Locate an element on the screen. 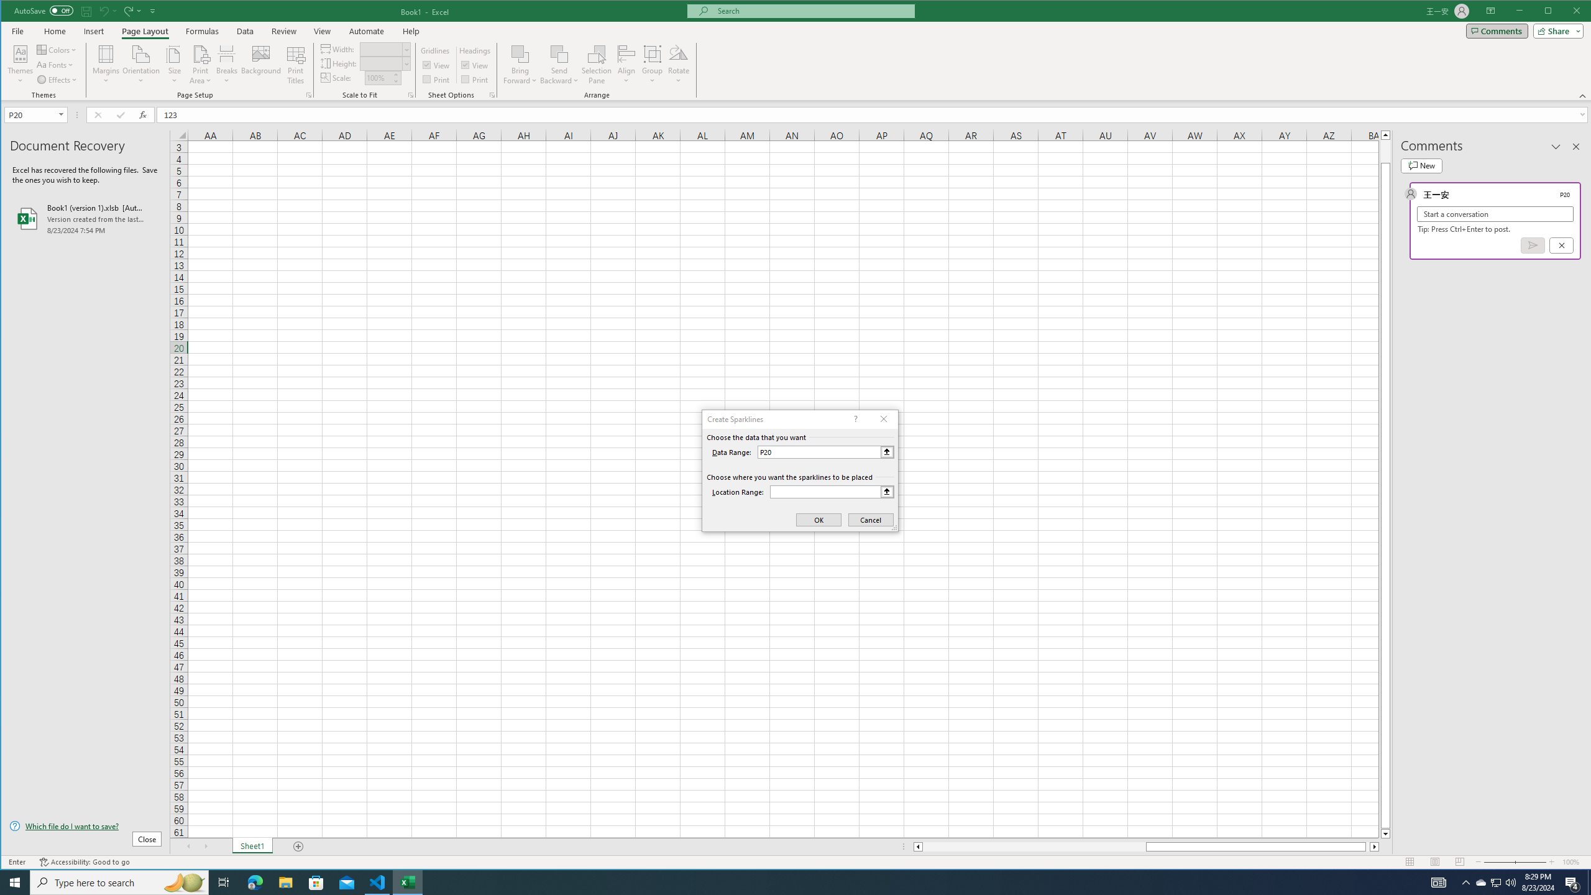 Image resolution: width=1591 pixels, height=895 pixels. 'Size' is located at coordinates (175, 64).